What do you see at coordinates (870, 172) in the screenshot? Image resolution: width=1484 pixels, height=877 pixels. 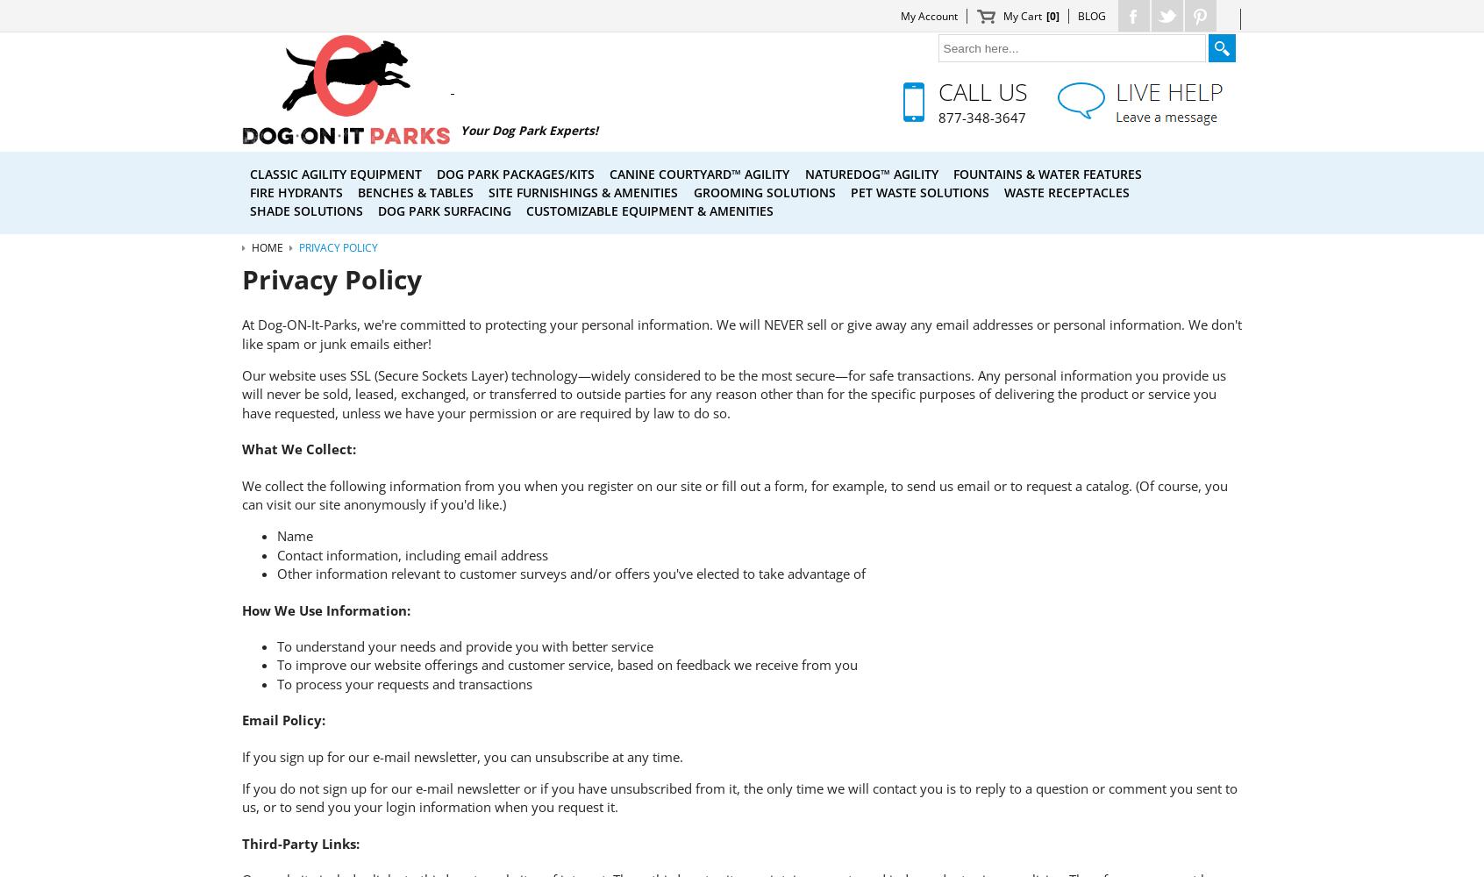 I see `'NatureDog™ Agility'` at bounding box center [870, 172].